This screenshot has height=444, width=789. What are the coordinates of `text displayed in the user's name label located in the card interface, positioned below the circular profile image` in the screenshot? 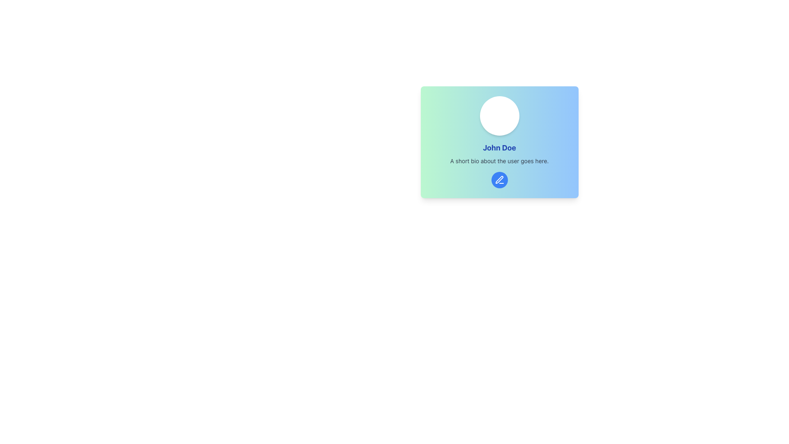 It's located at (499, 147).